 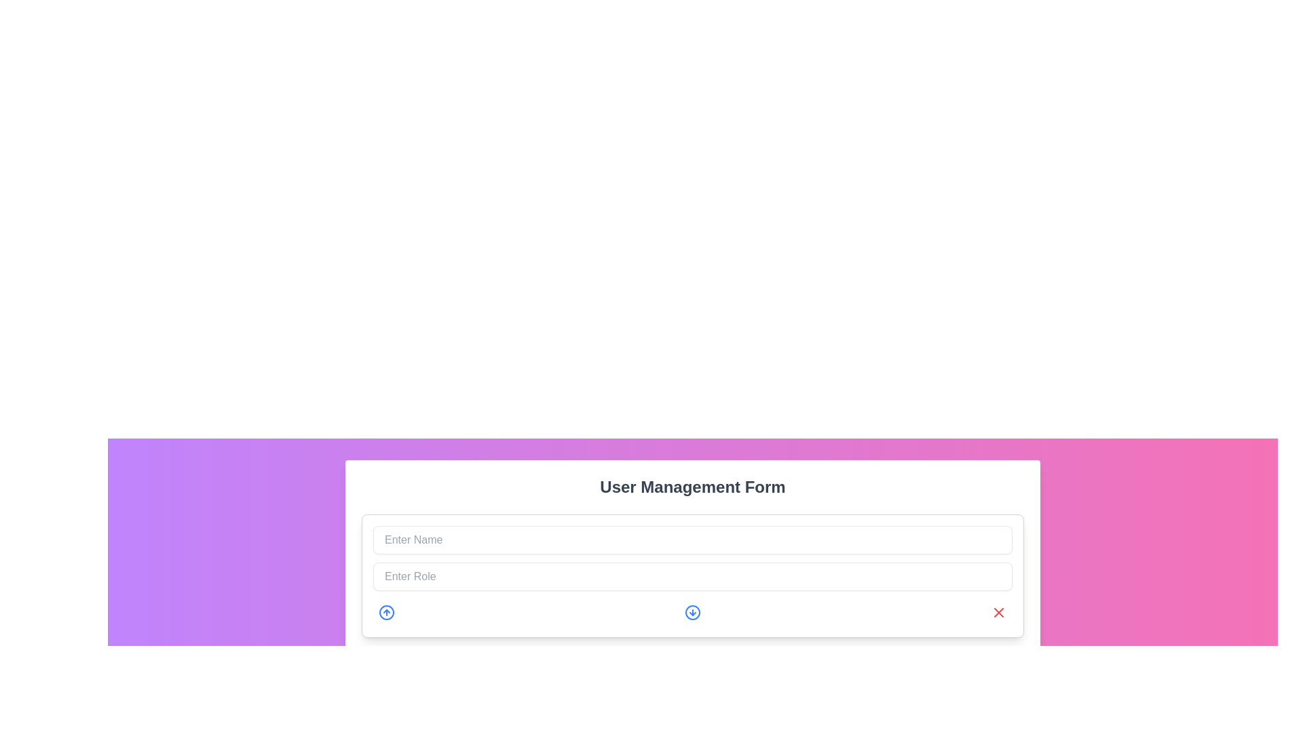 What do you see at coordinates (386, 612) in the screenshot?
I see `the circular button with an upward arrow icon located below the 'Enter Role' text input field` at bounding box center [386, 612].